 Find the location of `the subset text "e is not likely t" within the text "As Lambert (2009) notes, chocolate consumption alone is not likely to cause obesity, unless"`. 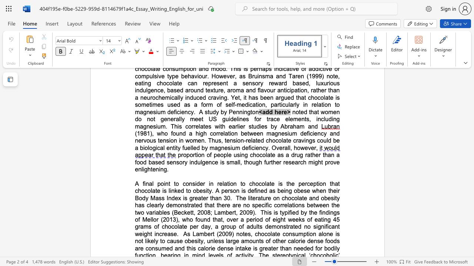

the subset text "e is not likely t" within the text "As Lambert (2009) notes, chocolate consumption alone is not likely to cause obesity, unless" is located at coordinates (329, 234).